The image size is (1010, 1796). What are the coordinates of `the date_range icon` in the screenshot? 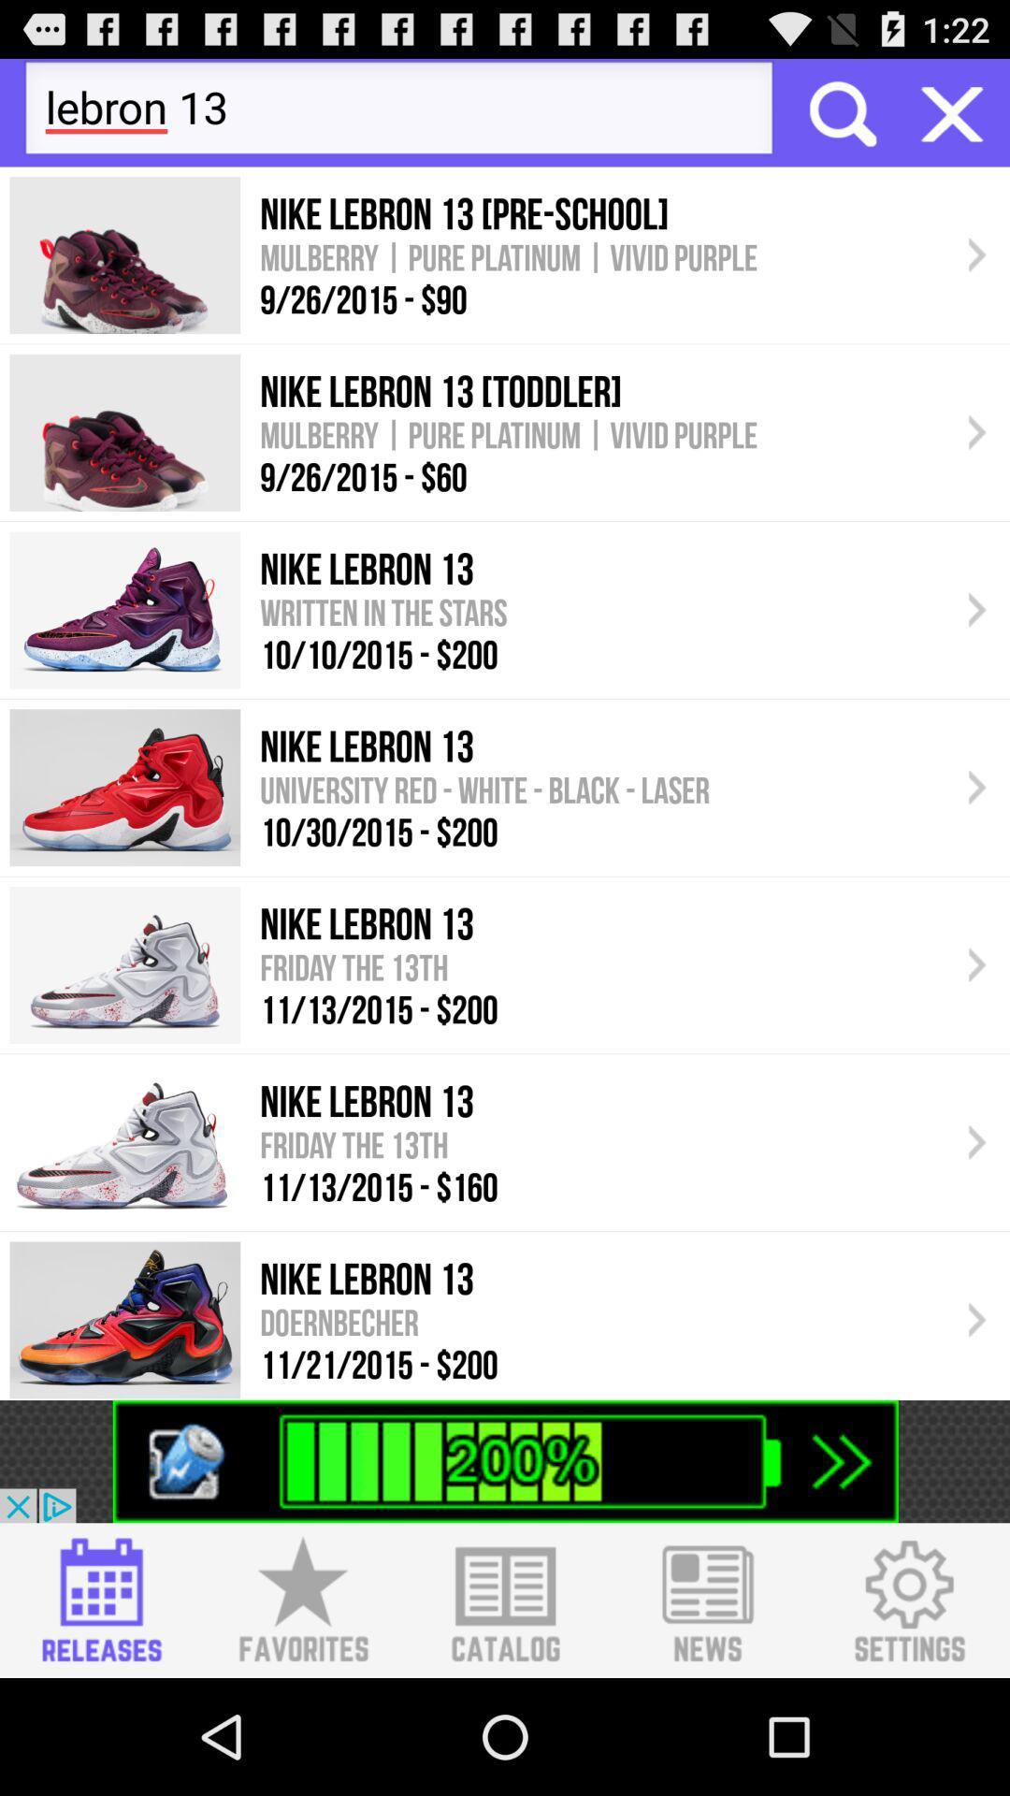 It's located at (99, 1712).